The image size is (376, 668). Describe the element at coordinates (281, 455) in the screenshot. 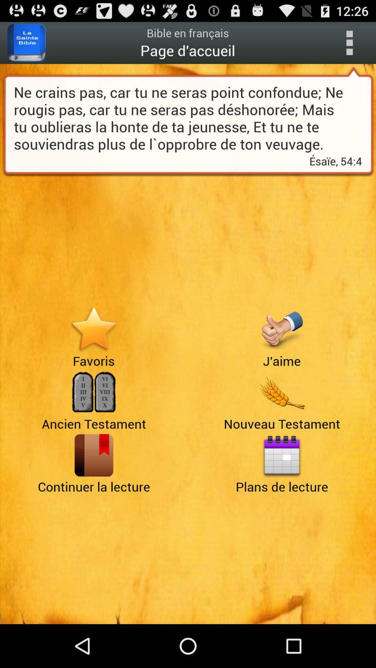

I see `to calendar` at that location.